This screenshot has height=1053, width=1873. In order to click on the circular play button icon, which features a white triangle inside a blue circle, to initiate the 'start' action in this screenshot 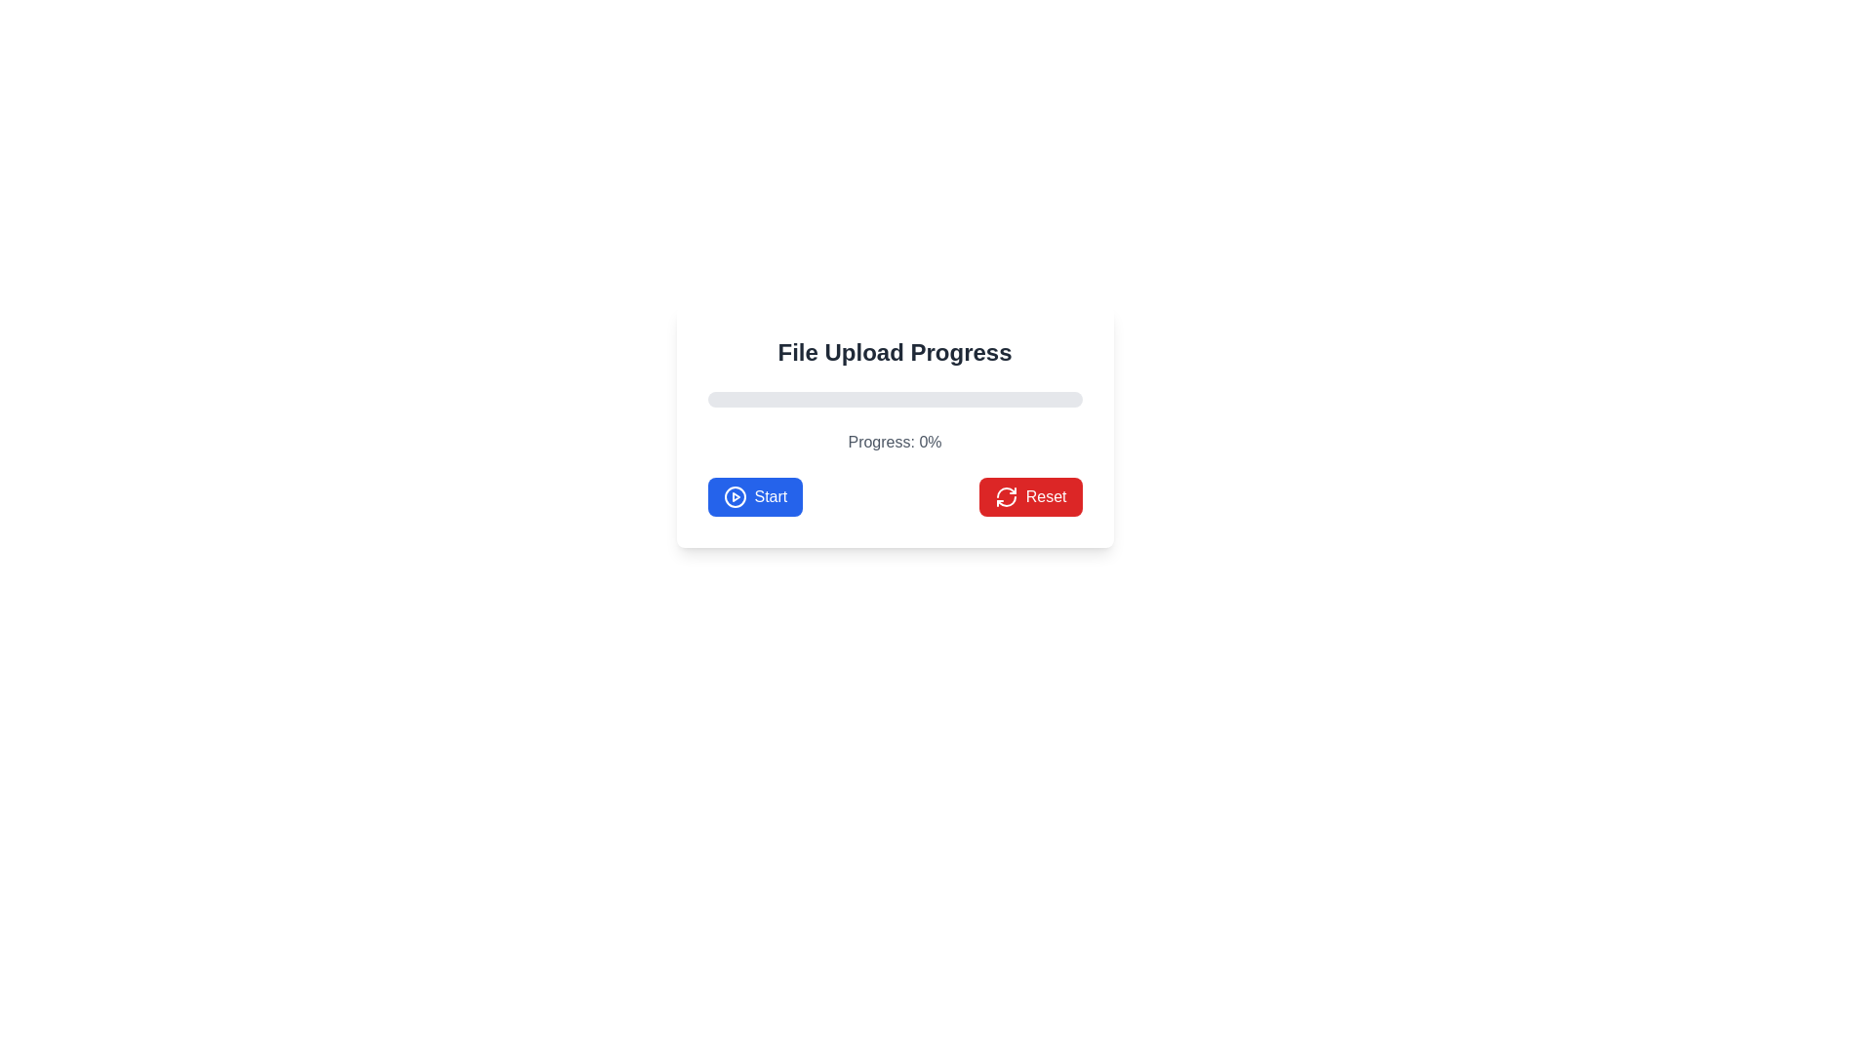, I will do `click(734, 495)`.